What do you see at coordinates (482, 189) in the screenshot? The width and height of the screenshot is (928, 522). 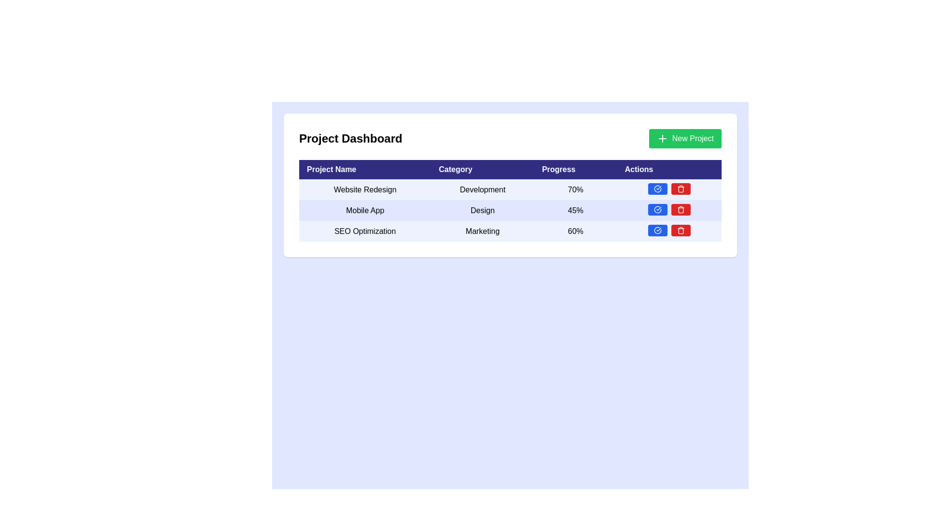 I see `text in the Text Display Cell that signifies the category associated with the 'Website Redesign' project, located in the second column of the first row in the main table of the 'Project Dashboard' section` at bounding box center [482, 189].